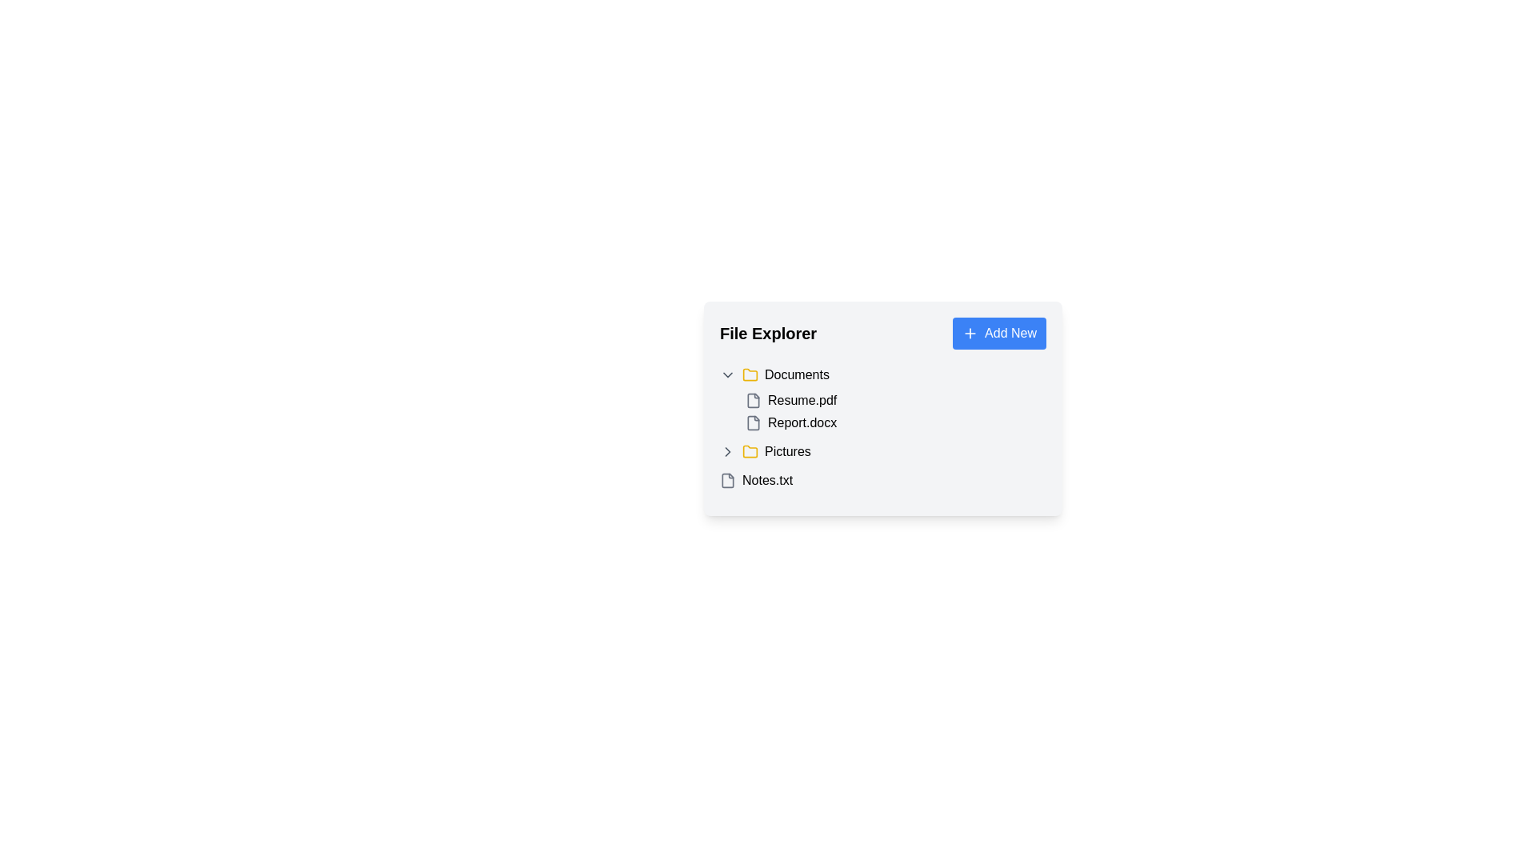 This screenshot has width=1536, height=864. Describe the element at coordinates (727, 451) in the screenshot. I see `the chevron icon located at the first position in the 'Pictures' row of the file explorer interface` at that location.